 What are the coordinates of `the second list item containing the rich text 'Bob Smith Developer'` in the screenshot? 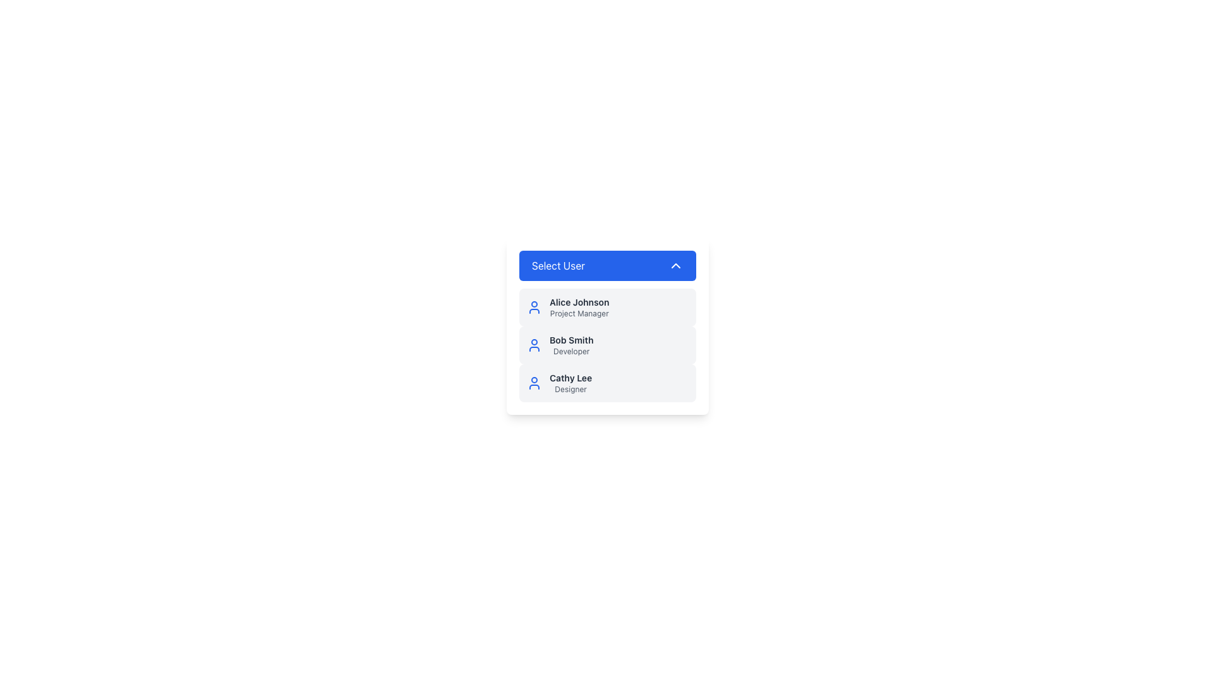 It's located at (570, 345).